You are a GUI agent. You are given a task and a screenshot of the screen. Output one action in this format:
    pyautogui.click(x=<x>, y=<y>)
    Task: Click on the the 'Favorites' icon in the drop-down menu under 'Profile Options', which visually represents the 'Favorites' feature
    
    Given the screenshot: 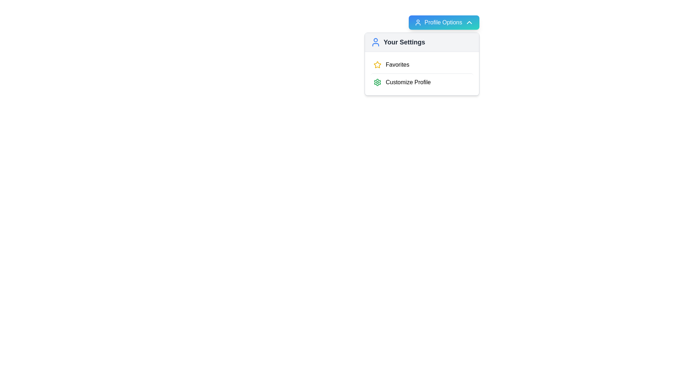 What is the action you would take?
    pyautogui.click(x=377, y=64)
    